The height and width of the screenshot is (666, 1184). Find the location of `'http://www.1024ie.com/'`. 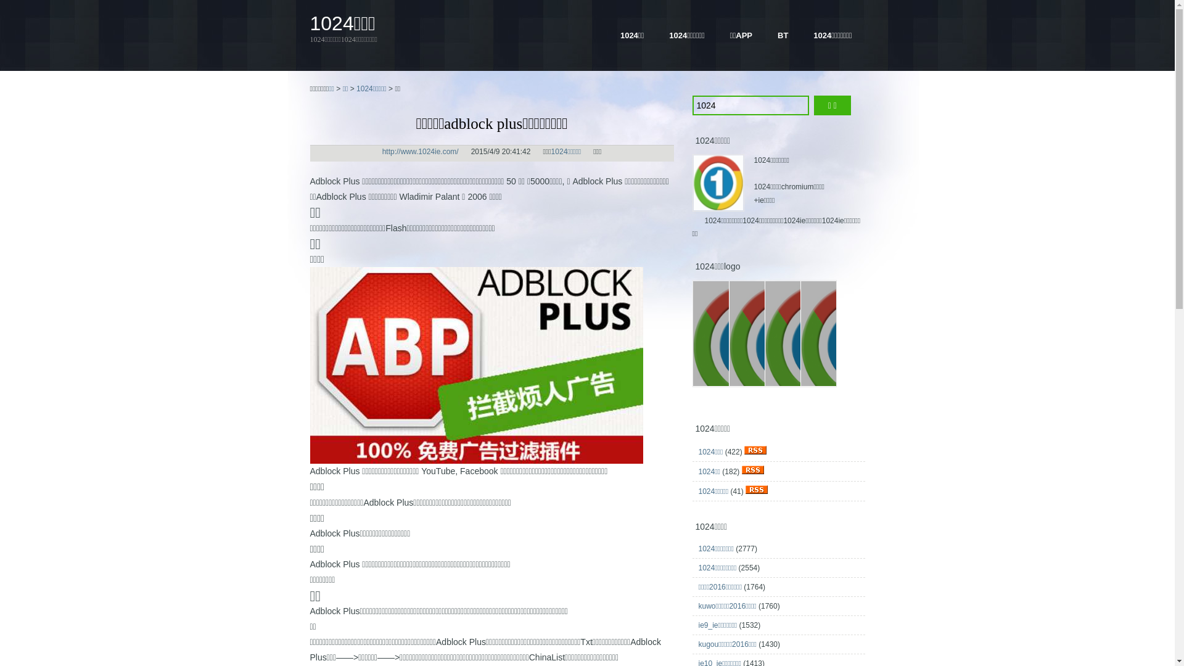

'http://www.1024ie.com/' is located at coordinates (420, 151).